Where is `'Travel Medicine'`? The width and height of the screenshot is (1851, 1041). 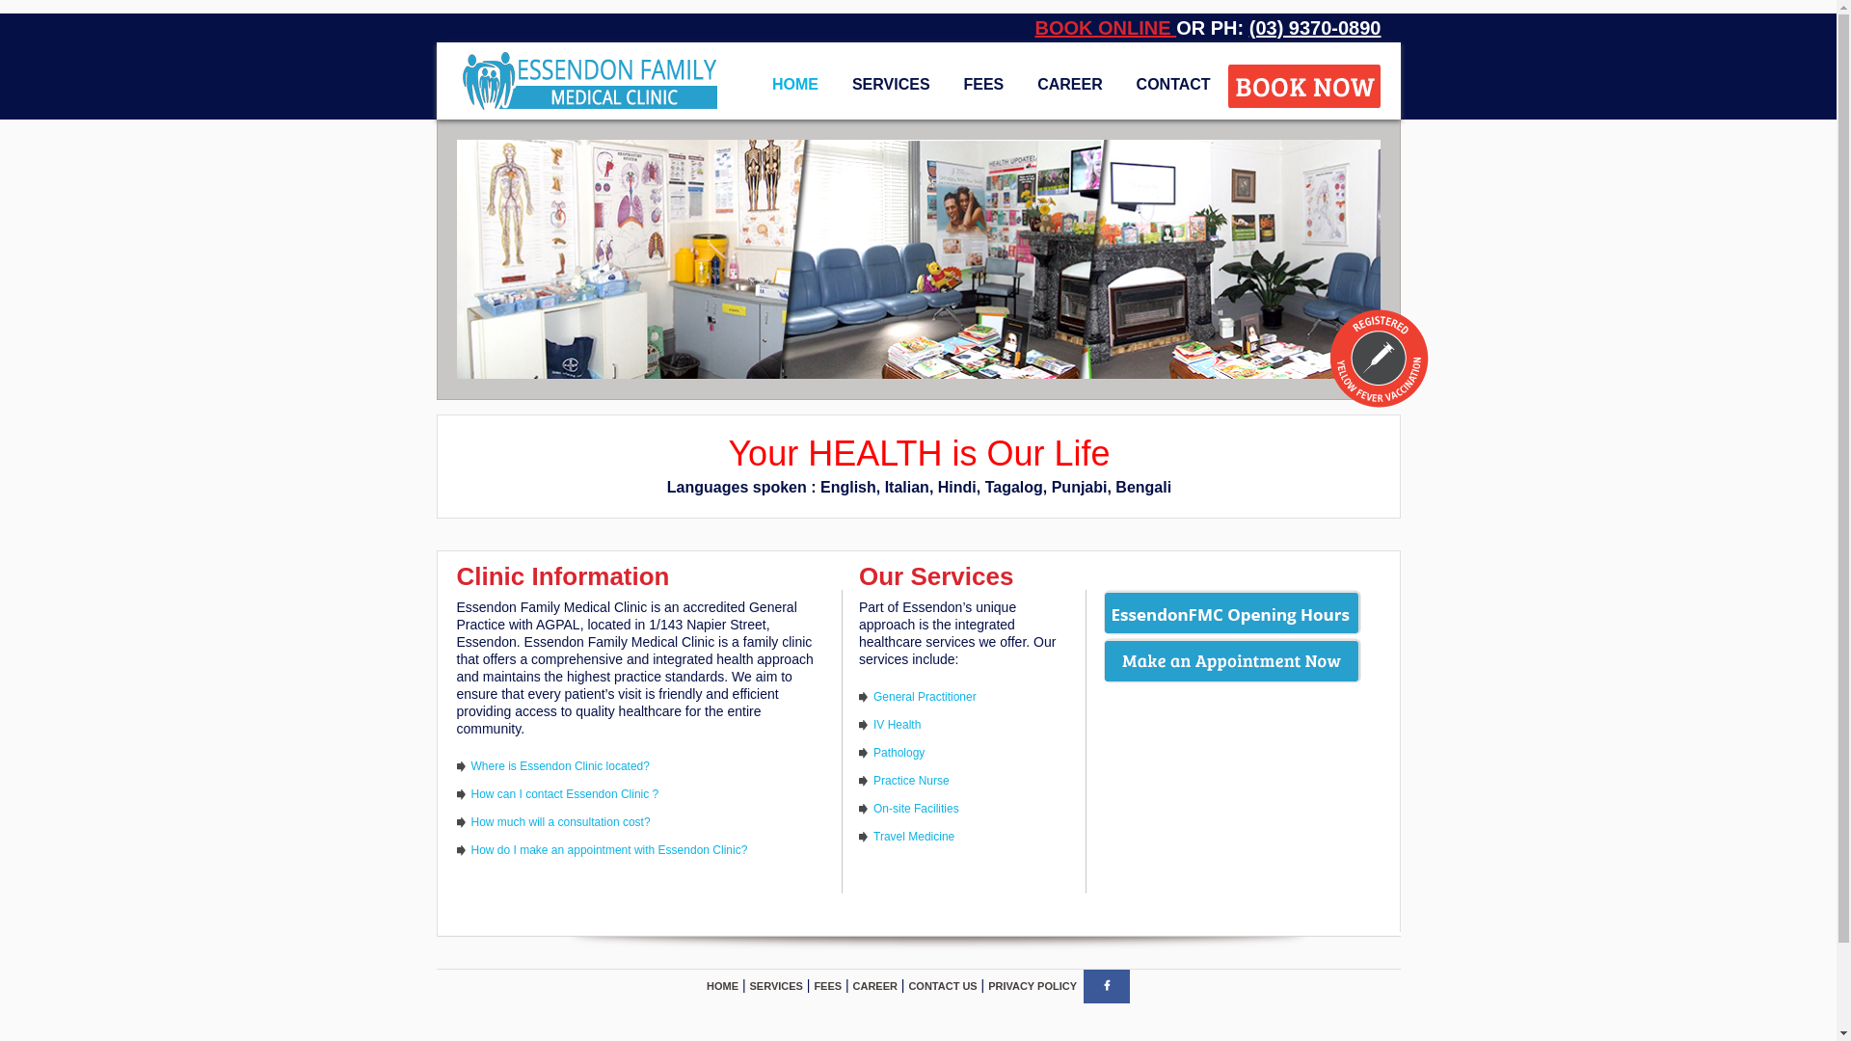 'Travel Medicine' is located at coordinates (913, 835).